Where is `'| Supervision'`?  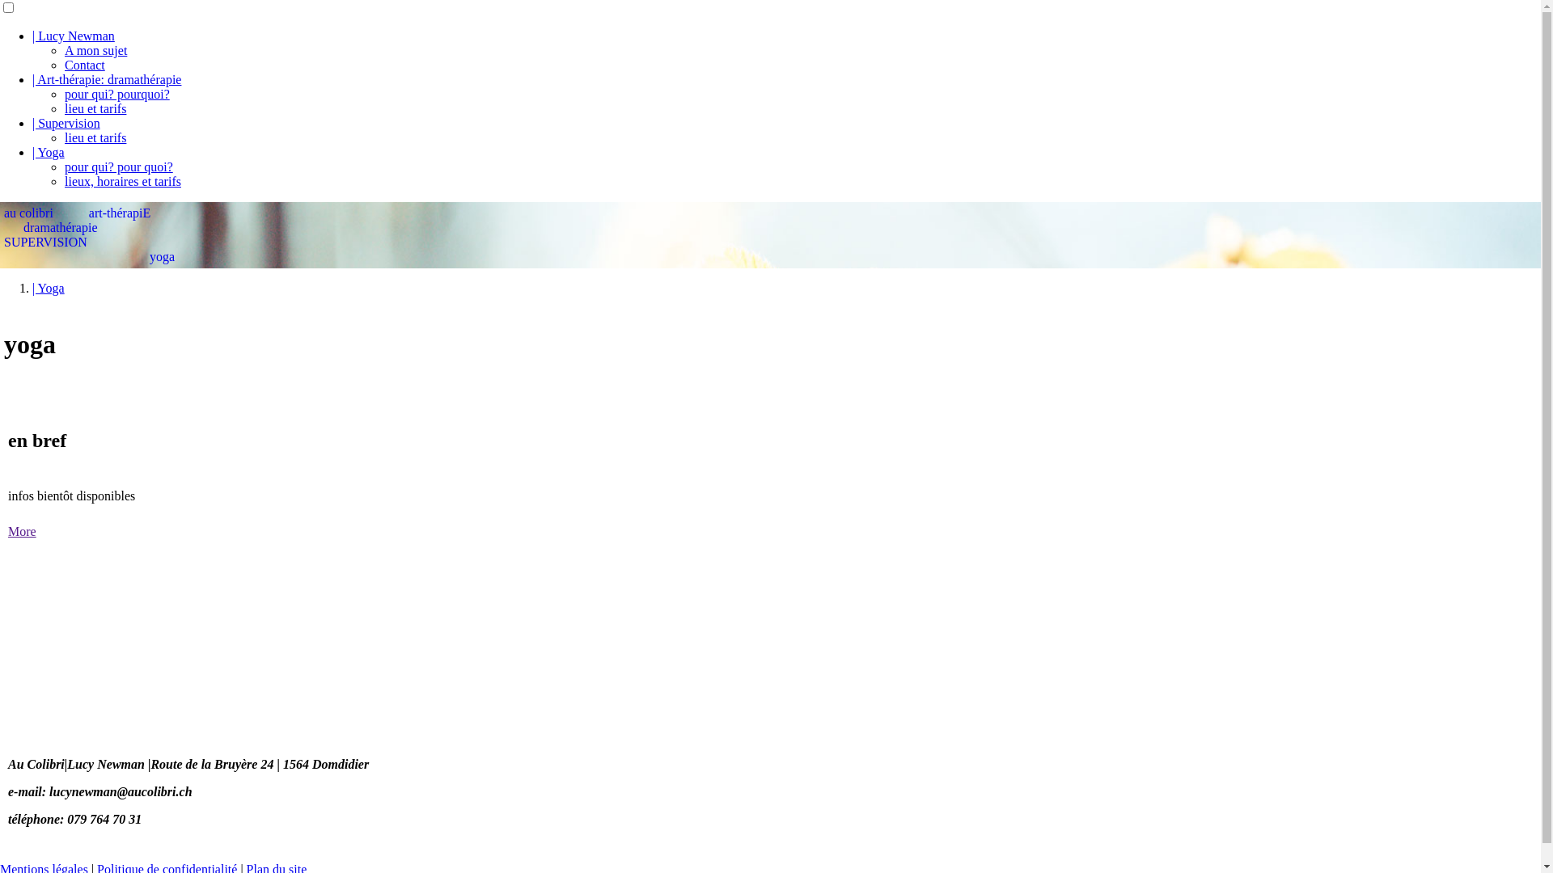 '| Supervision' is located at coordinates (32, 122).